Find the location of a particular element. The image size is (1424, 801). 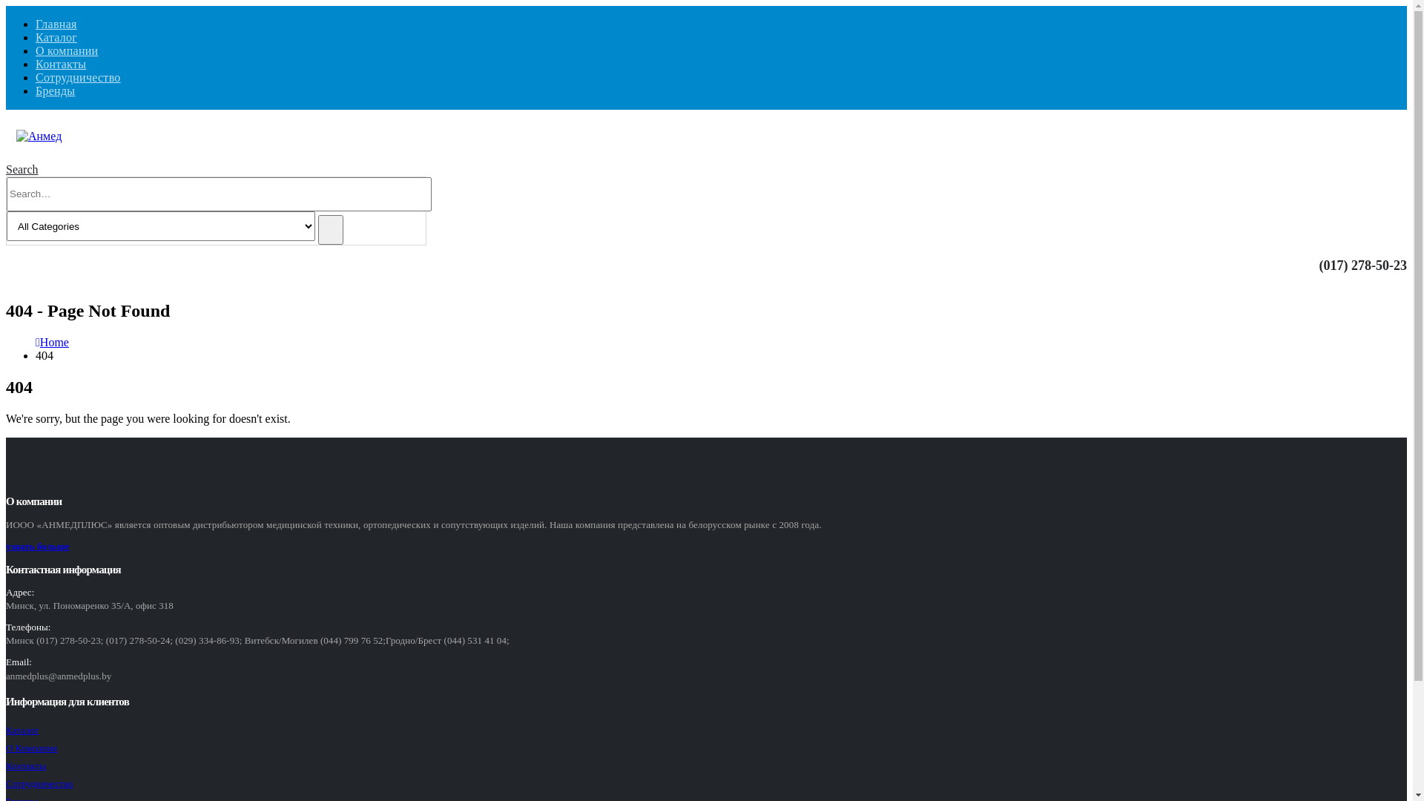

'Home' is located at coordinates (54, 342).